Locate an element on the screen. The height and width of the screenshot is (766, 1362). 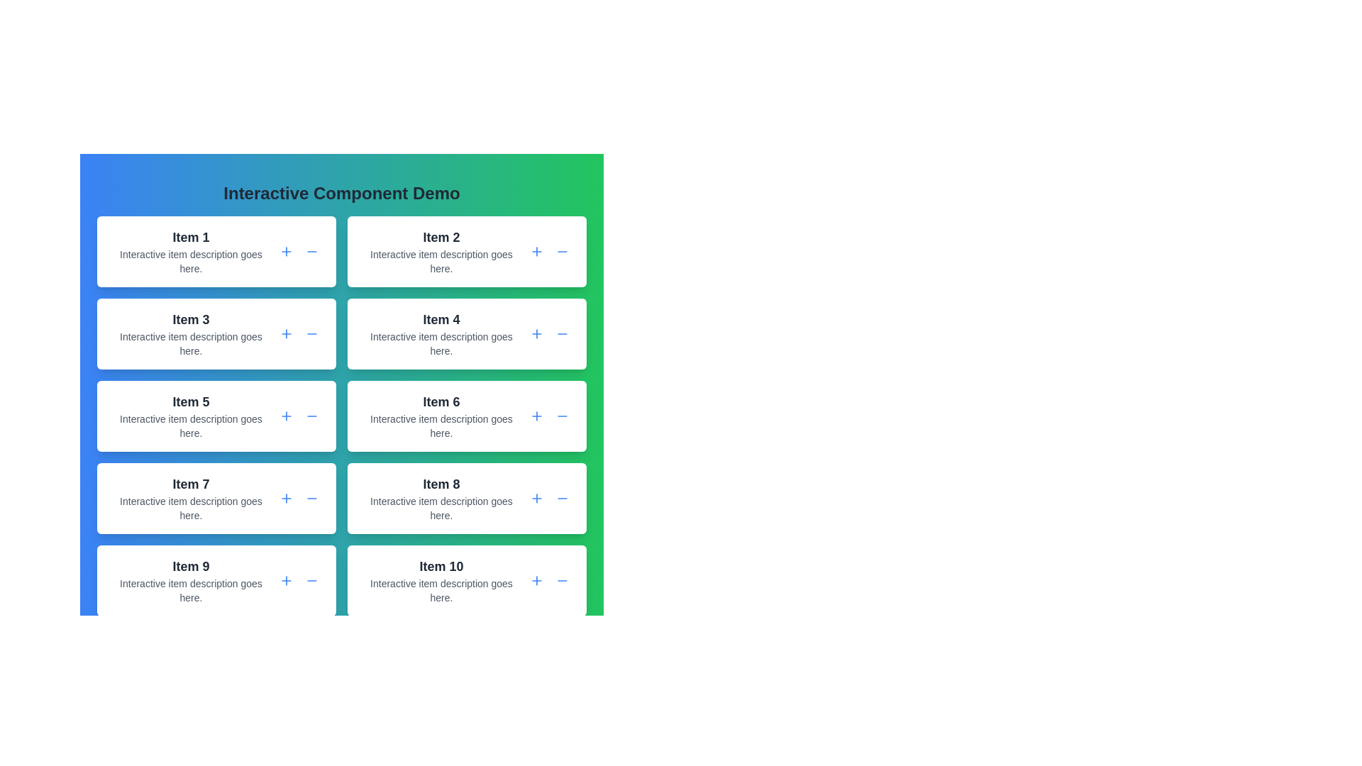
the SVG icon resembling a cross or plus-sign, which is located next to the '-' icon for 'Item 8' is located at coordinates (536, 497).